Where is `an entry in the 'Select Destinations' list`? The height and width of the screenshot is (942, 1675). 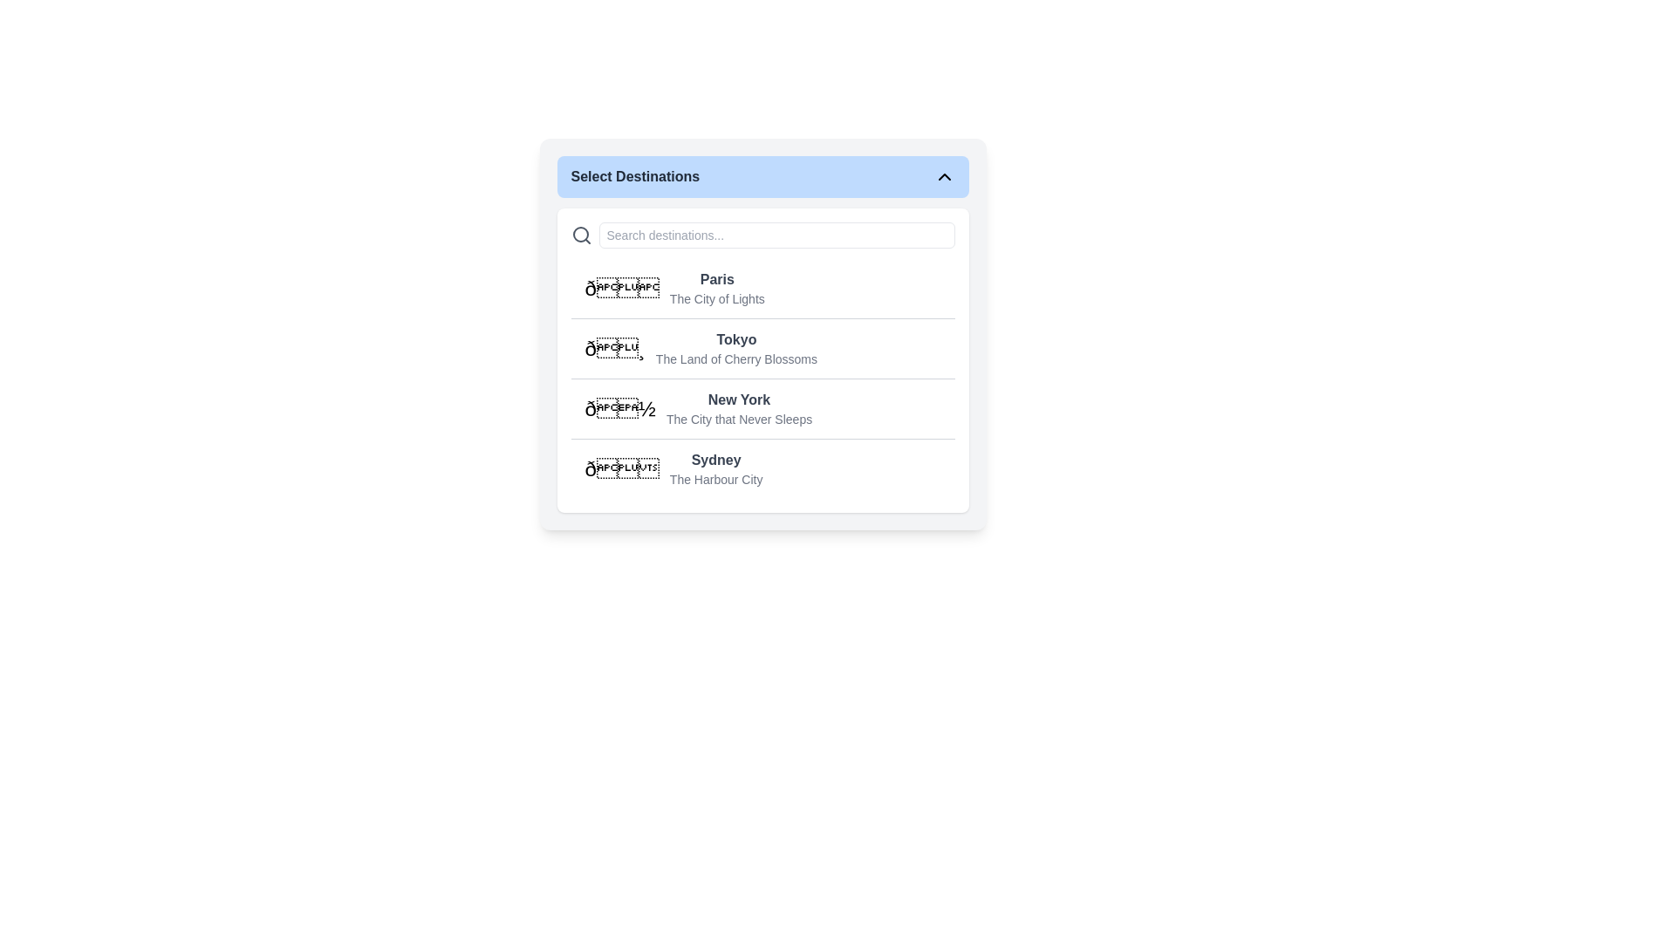
an entry in the 'Select Destinations' list is located at coordinates (762, 378).